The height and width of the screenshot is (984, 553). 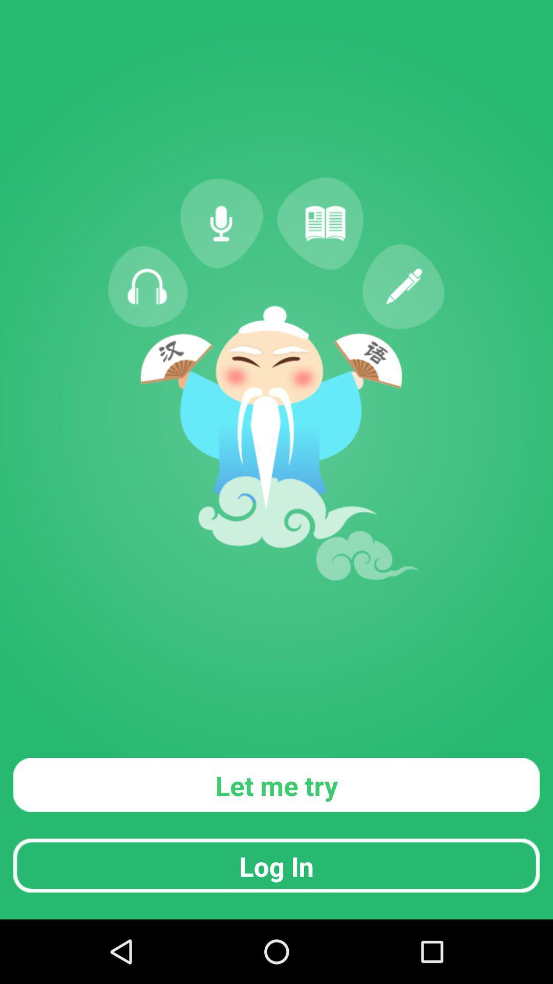 I want to click on log in button, so click(x=276, y=865).